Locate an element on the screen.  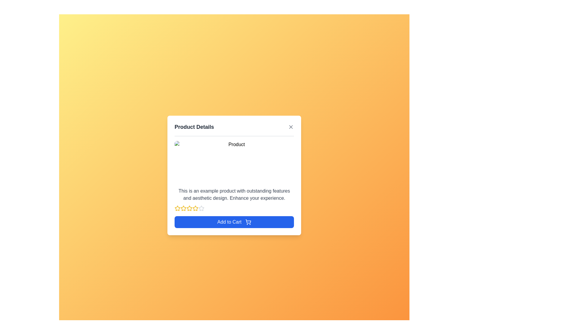
the seventh star in the row of nine rating stars is located at coordinates (195, 208).